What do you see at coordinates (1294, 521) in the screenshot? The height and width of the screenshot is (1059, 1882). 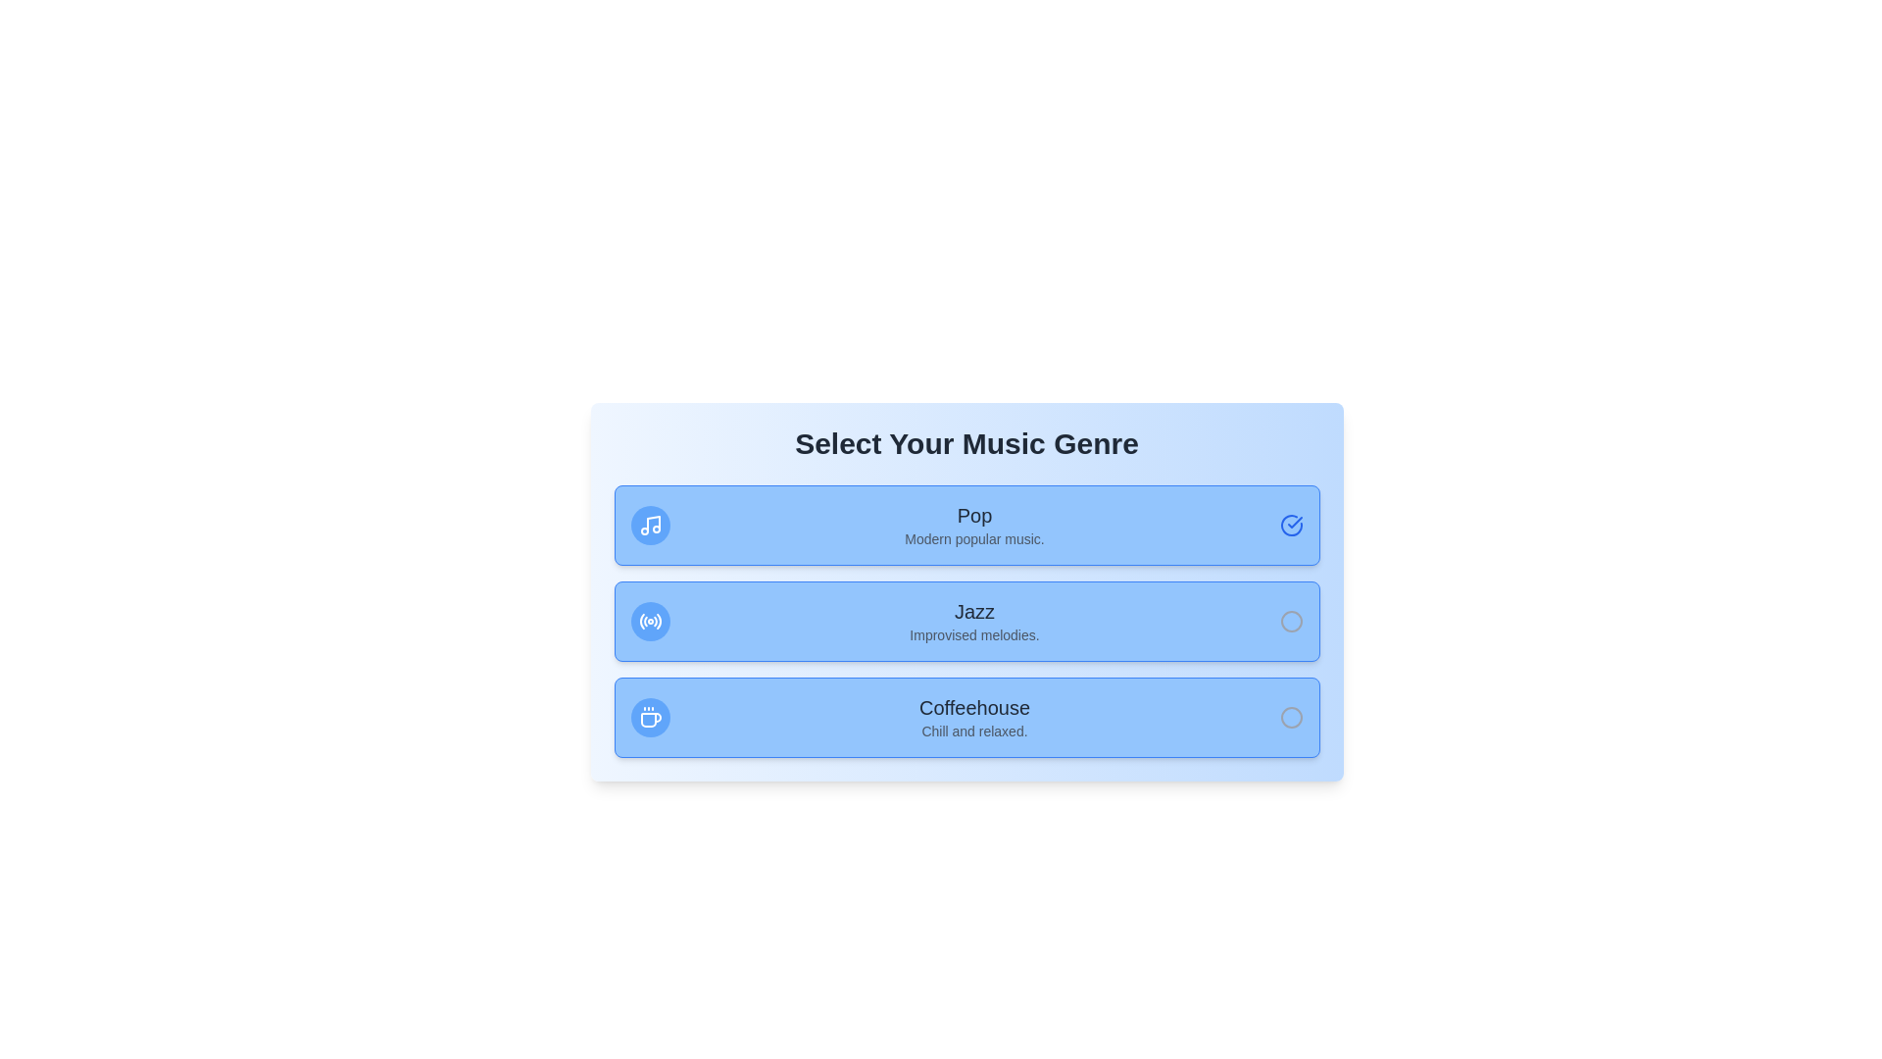 I see `the checkmark icon inside the blue circular frame` at bounding box center [1294, 521].